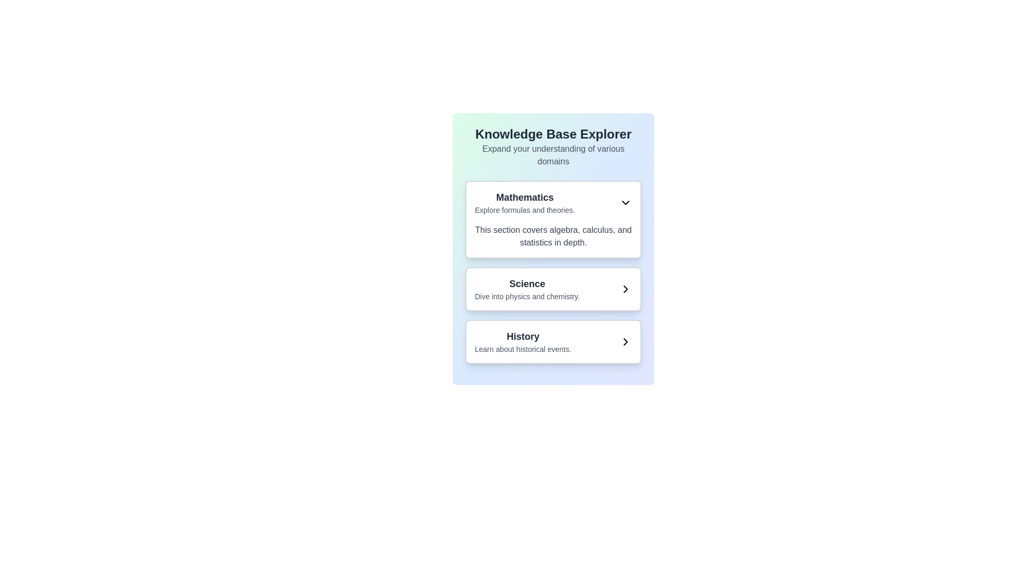 The height and width of the screenshot is (569, 1013). Describe the element at coordinates (625, 289) in the screenshot. I see `the rightward chevron arrow icon, which is styled with a minimalistic design and located to the right of the 'Science' section within the list of domain cards` at that location.